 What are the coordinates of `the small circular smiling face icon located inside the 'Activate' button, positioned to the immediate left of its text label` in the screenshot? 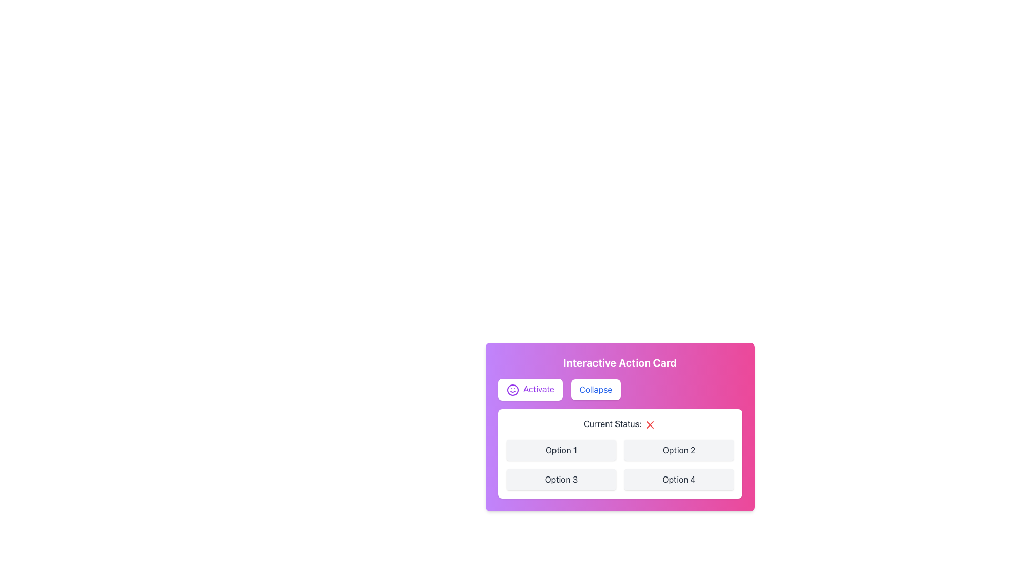 It's located at (512, 389).